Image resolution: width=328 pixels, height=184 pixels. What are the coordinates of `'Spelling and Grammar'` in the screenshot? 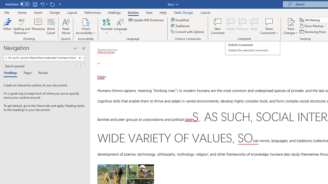 It's located at (22, 21).